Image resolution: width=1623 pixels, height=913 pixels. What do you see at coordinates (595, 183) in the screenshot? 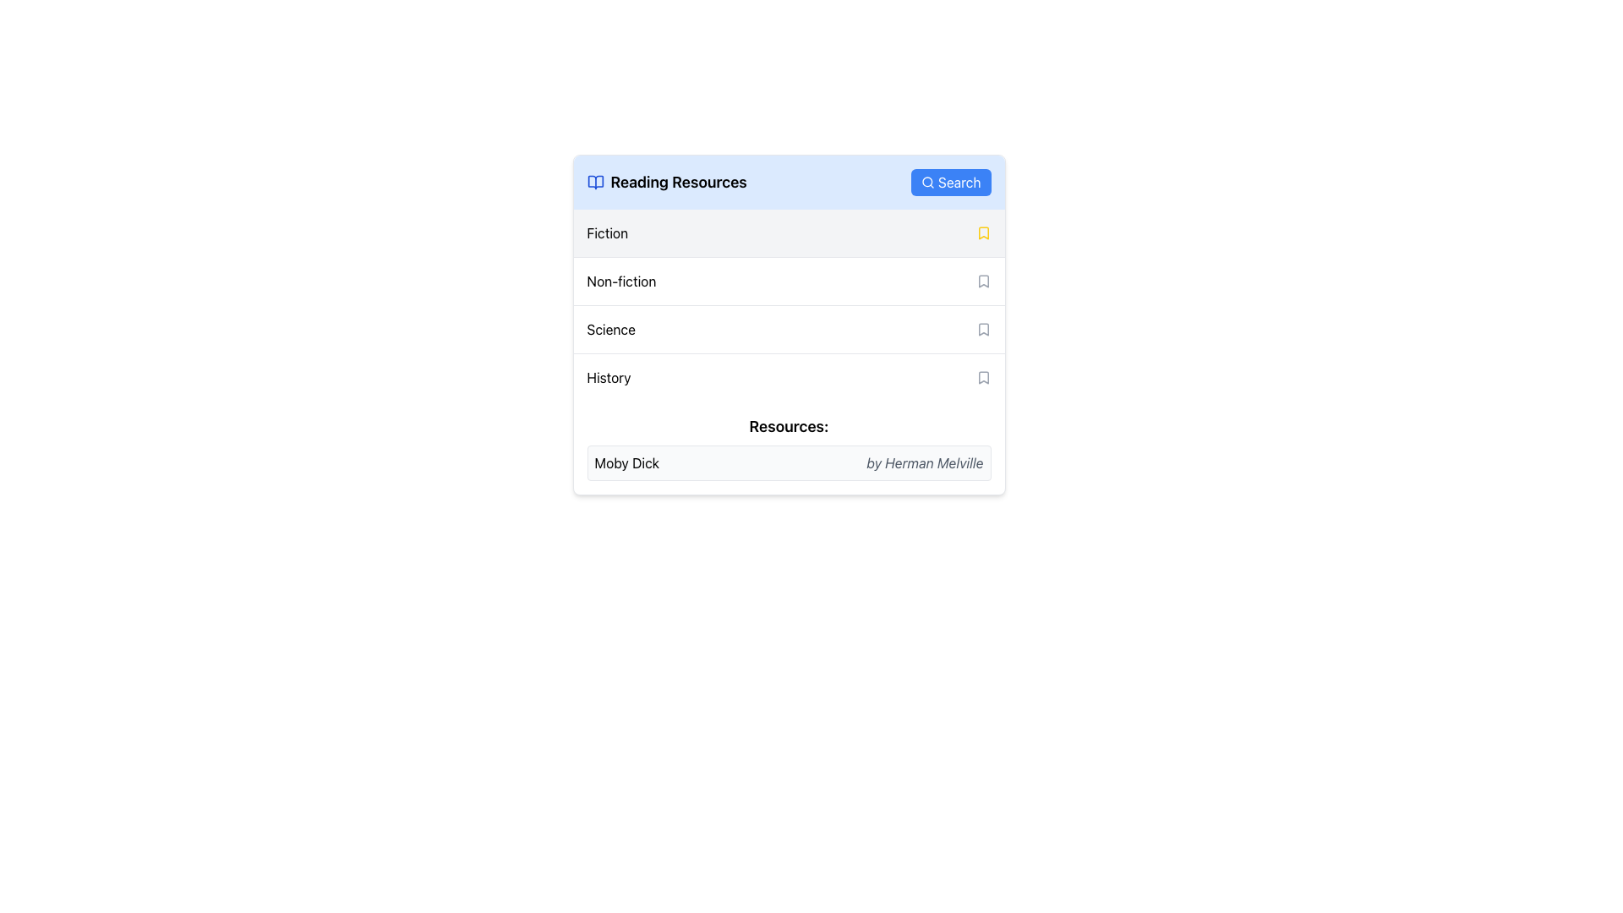
I see `properties of the decorative icon representing reading or books located in the header section of the 'Reading Resources' panel, positioned to the left of the text 'Reading Resources'` at bounding box center [595, 183].